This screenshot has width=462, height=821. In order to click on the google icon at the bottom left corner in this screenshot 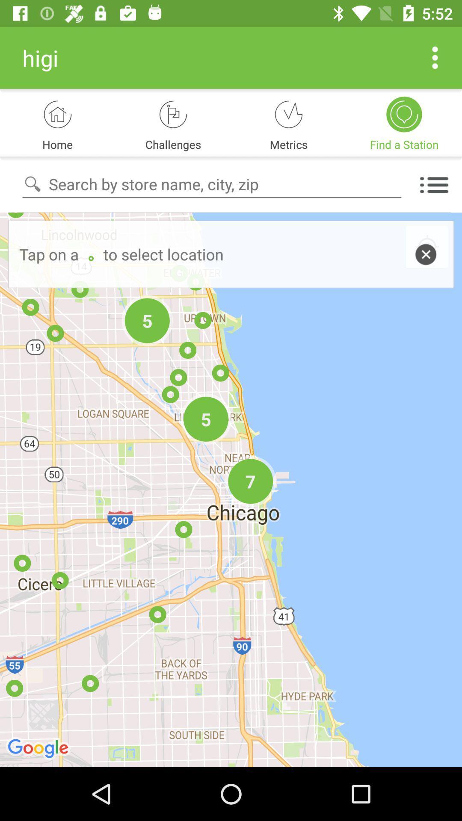, I will do `click(39, 749)`.